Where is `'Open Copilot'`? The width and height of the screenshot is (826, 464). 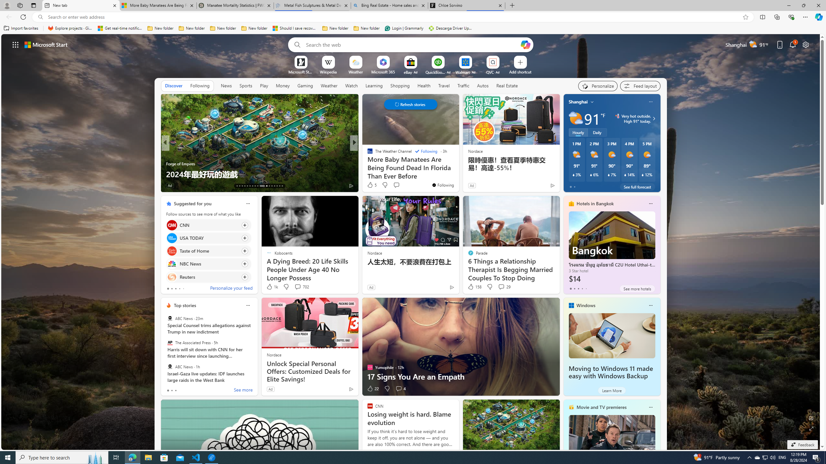 'Open Copilot' is located at coordinates (525, 44).